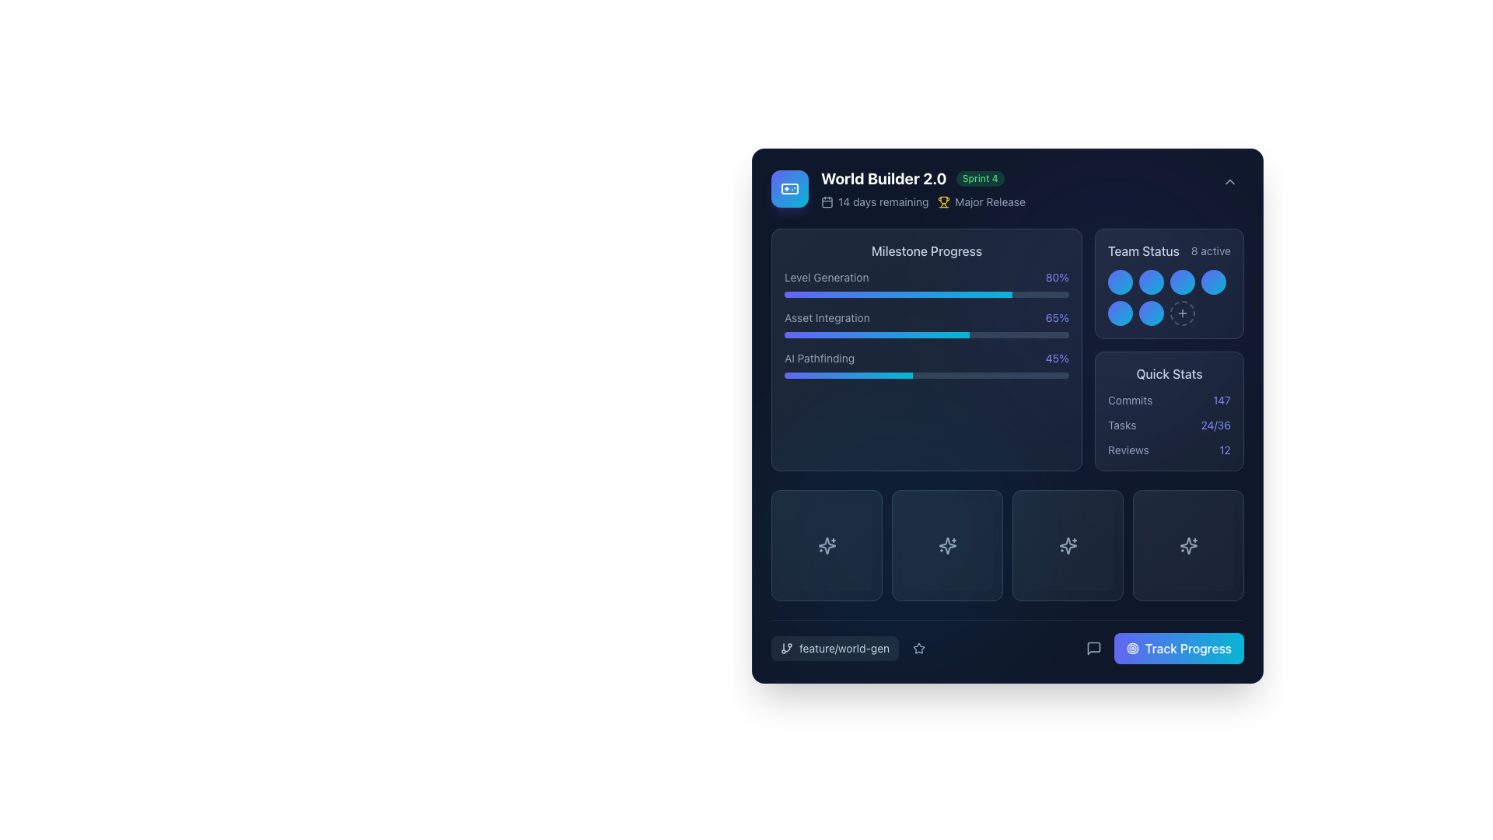 This screenshot has width=1493, height=840. Describe the element at coordinates (926, 323) in the screenshot. I see `progress label and percentage from the second progress bar labeled 'Asset Integration' within the 'Milestone Progress' card, which is located between 'Level Generation' and 'AI Pathfinding'` at that location.